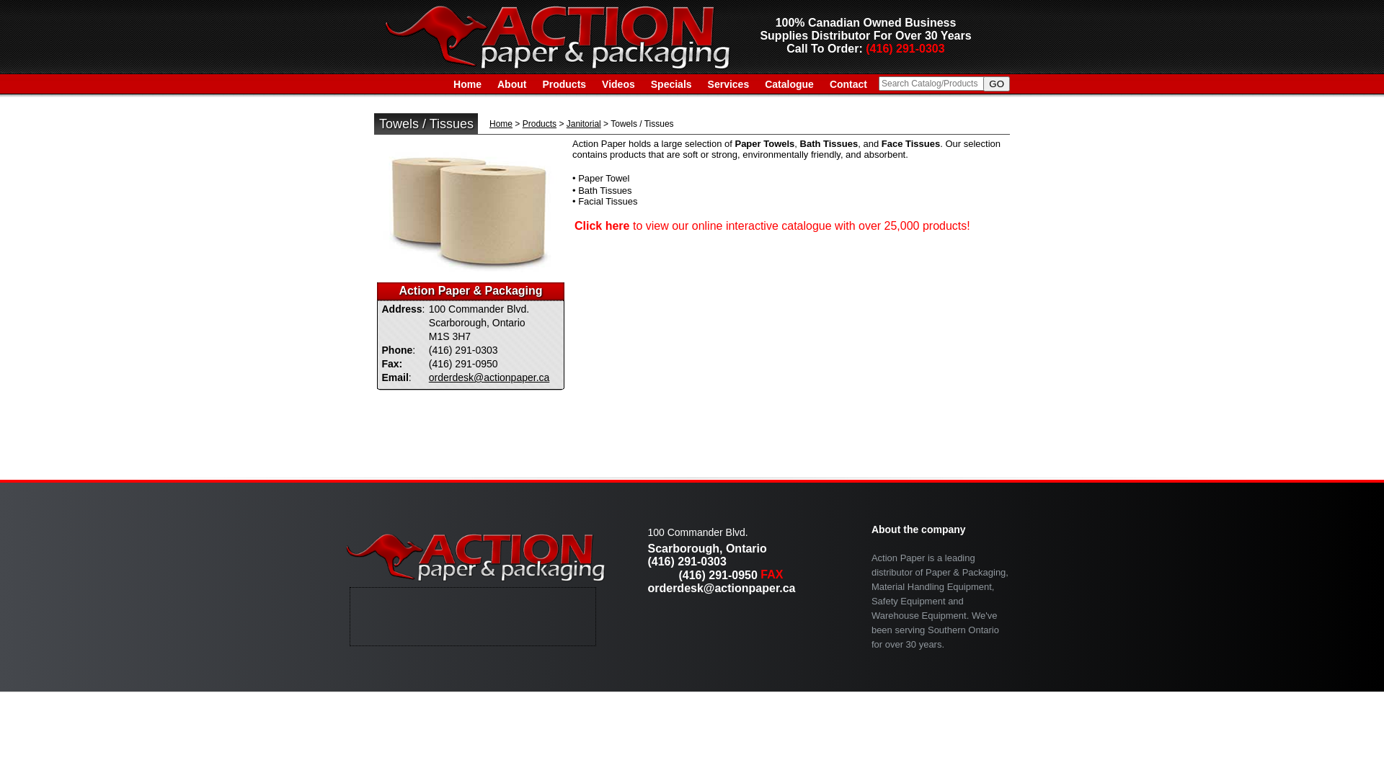  What do you see at coordinates (467, 84) in the screenshot?
I see `'Home'` at bounding box center [467, 84].